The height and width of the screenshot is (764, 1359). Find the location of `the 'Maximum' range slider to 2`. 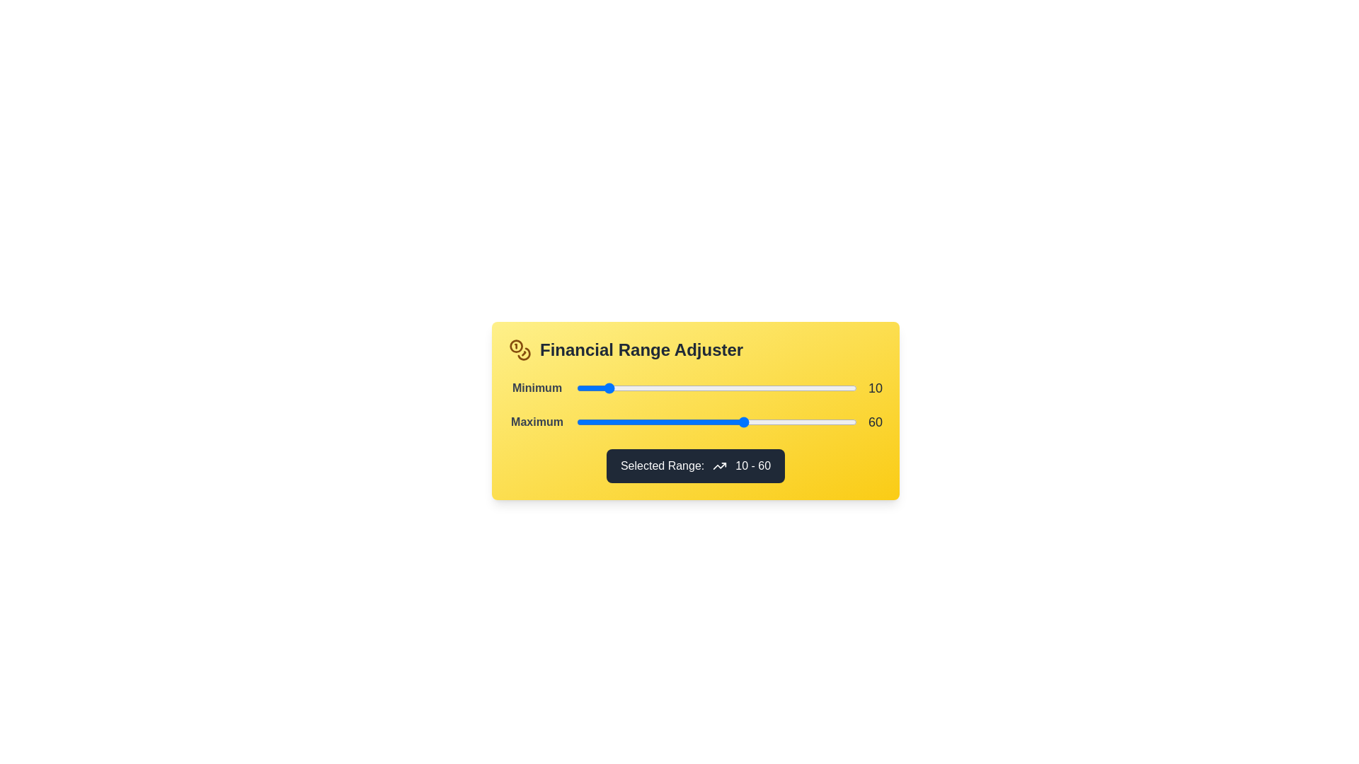

the 'Maximum' range slider to 2 is located at coordinates (582, 422).